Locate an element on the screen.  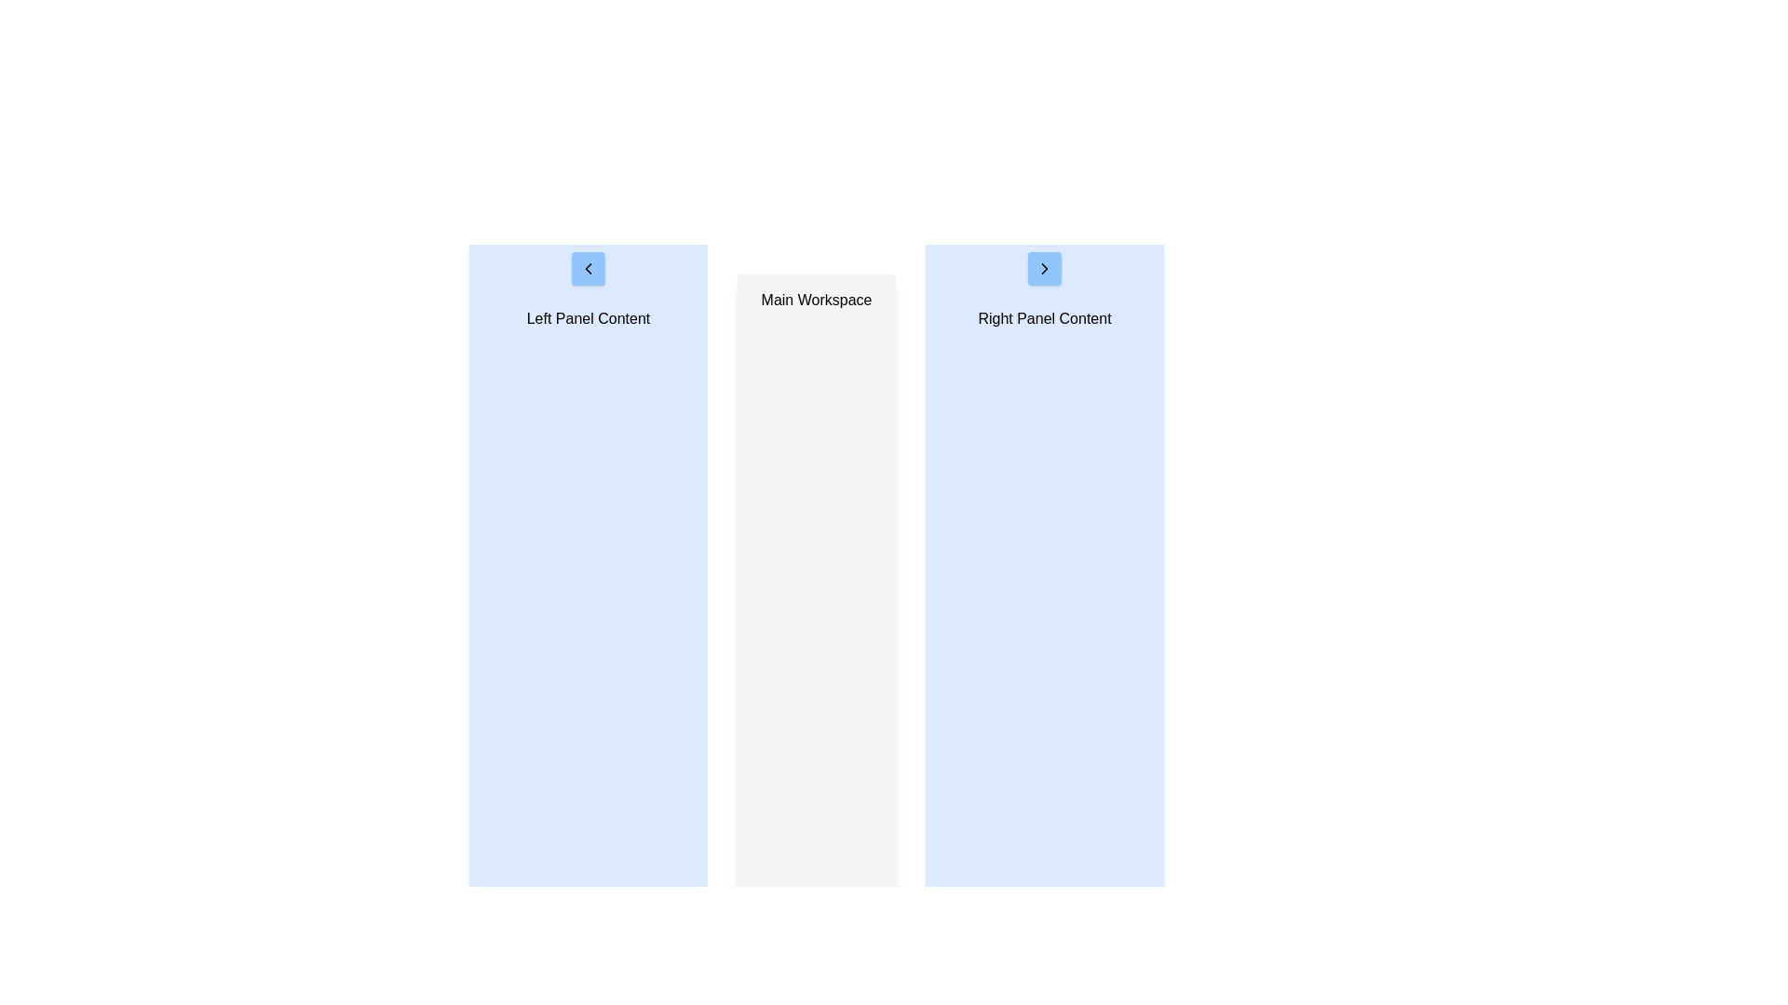
the right-facing chevron button located in the top-right corner of the right panel is located at coordinates (1045, 269).